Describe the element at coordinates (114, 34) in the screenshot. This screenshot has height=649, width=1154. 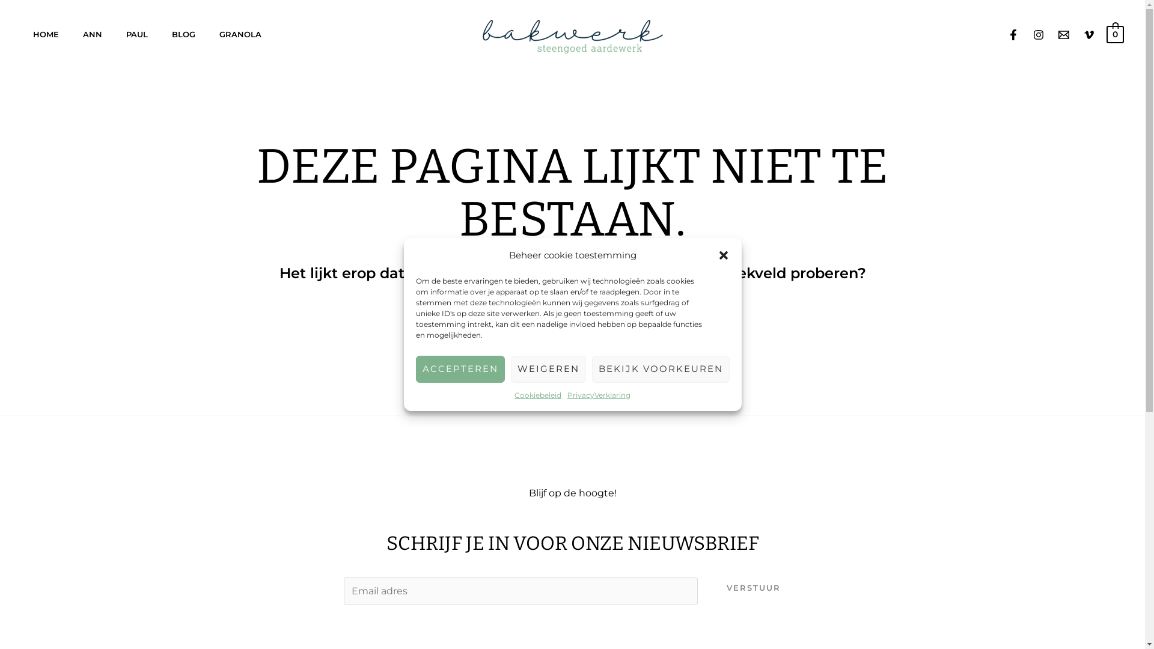
I see `'PAUL'` at that location.